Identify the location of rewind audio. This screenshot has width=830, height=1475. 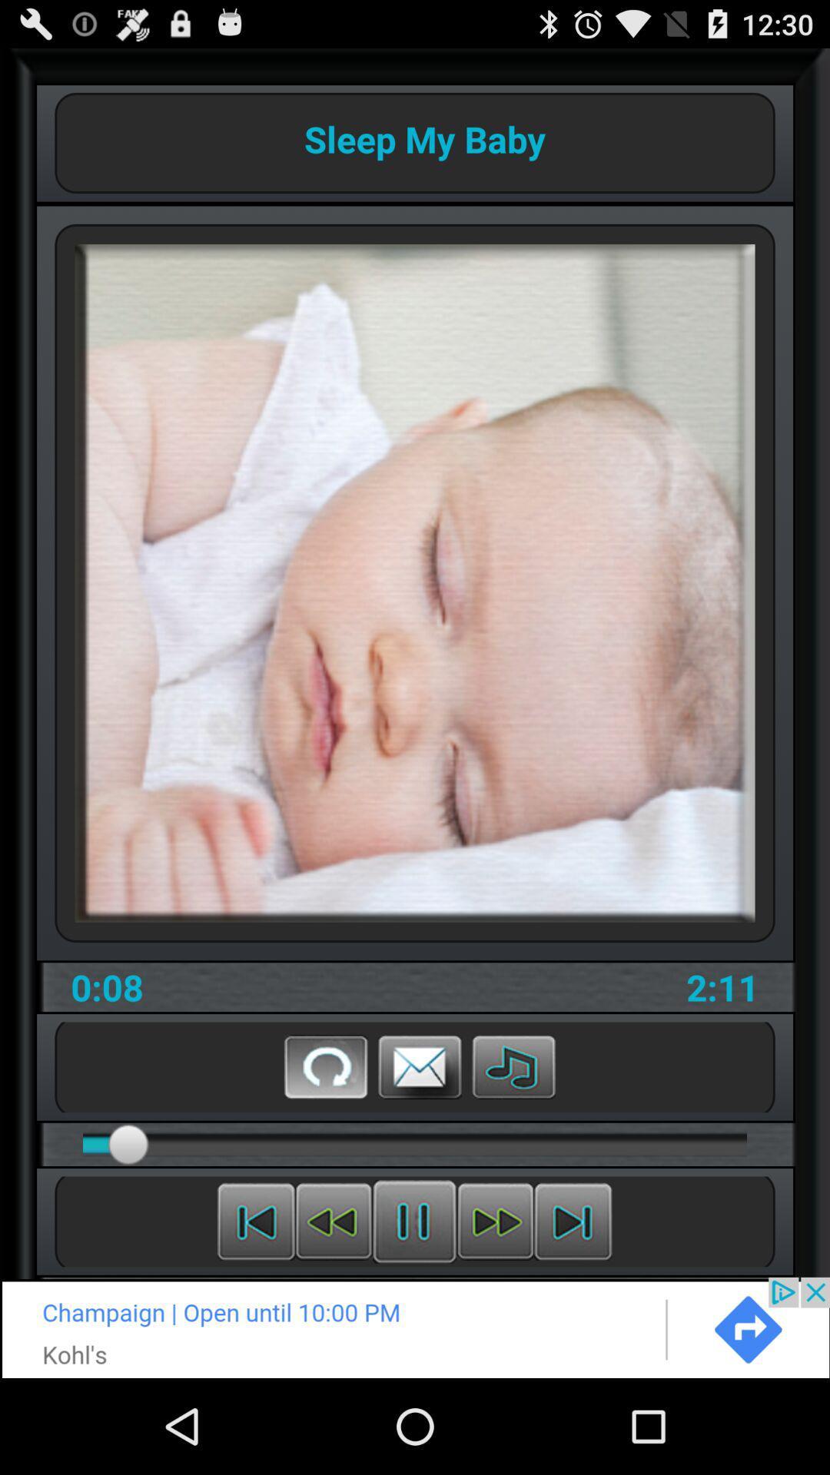
(333, 1221).